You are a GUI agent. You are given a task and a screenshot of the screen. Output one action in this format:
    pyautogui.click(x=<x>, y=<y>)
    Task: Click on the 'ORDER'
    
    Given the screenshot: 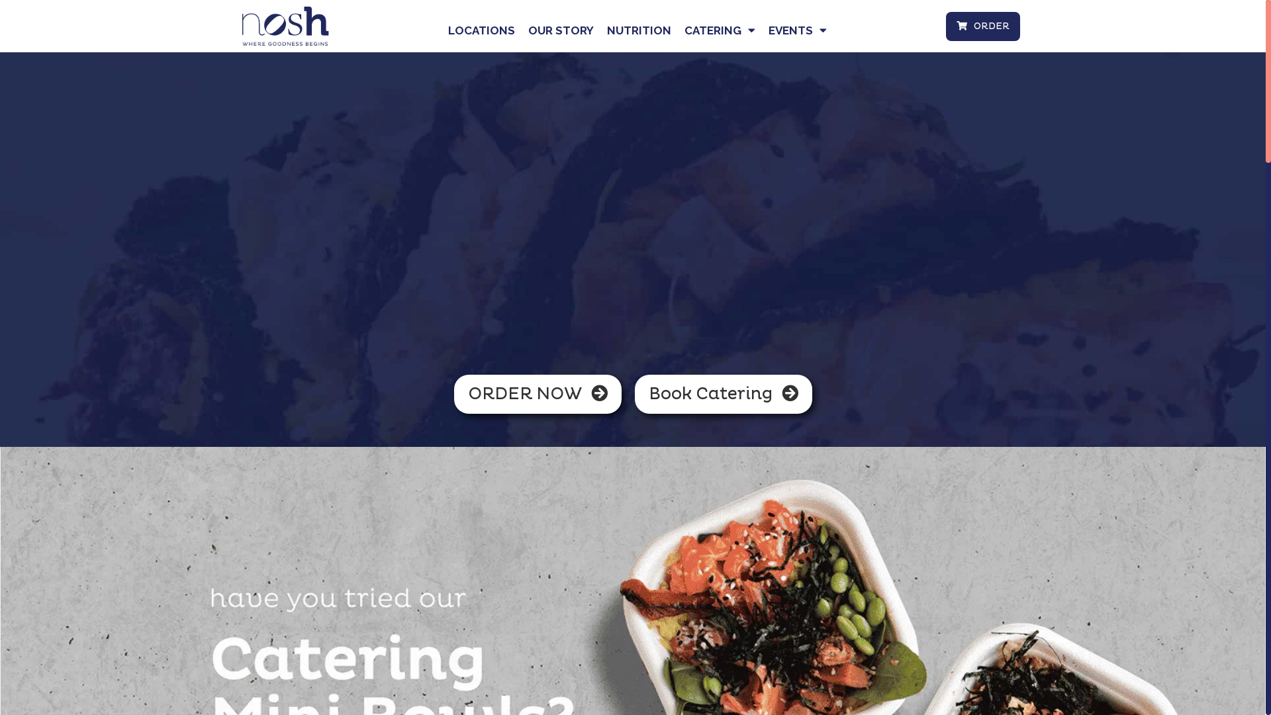 What is the action you would take?
    pyautogui.click(x=982, y=26)
    